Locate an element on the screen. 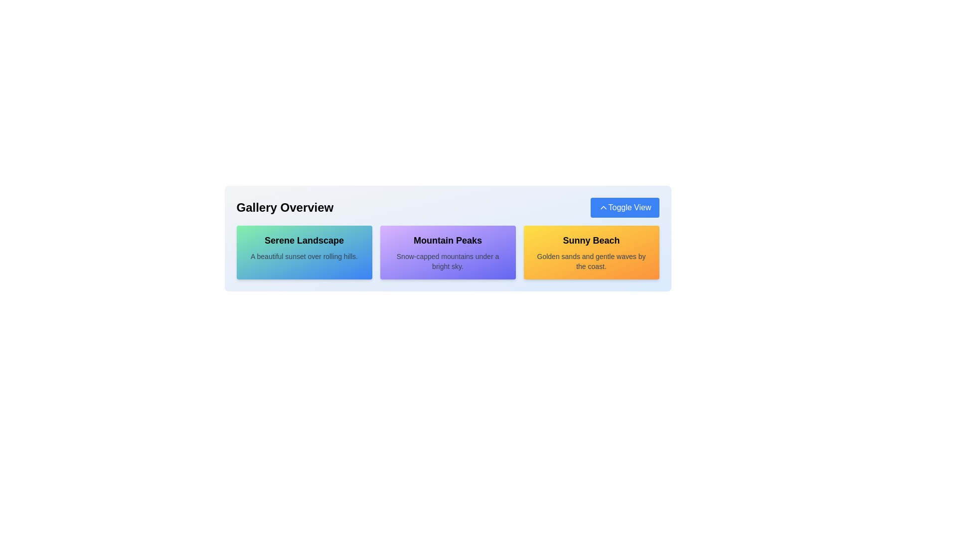  the static informational card displaying information about 'Mountain Peaks', which is the middle block in a row of three blocks is located at coordinates (447, 252).